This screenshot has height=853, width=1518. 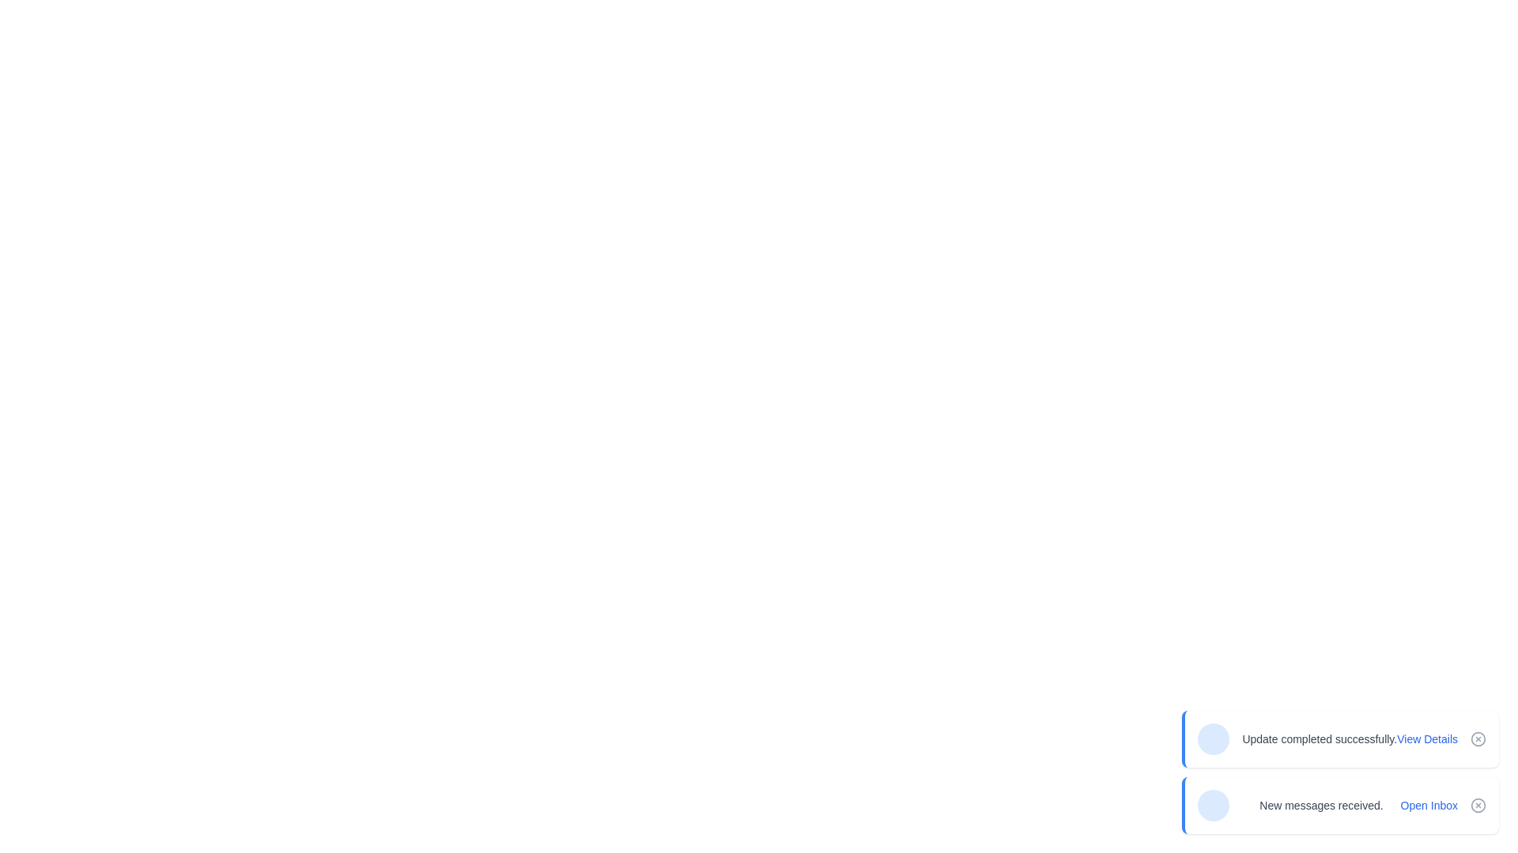 What do you see at coordinates (1478, 739) in the screenshot?
I see `the close button of the notification to remove it` at bounding box center [1478, 739].